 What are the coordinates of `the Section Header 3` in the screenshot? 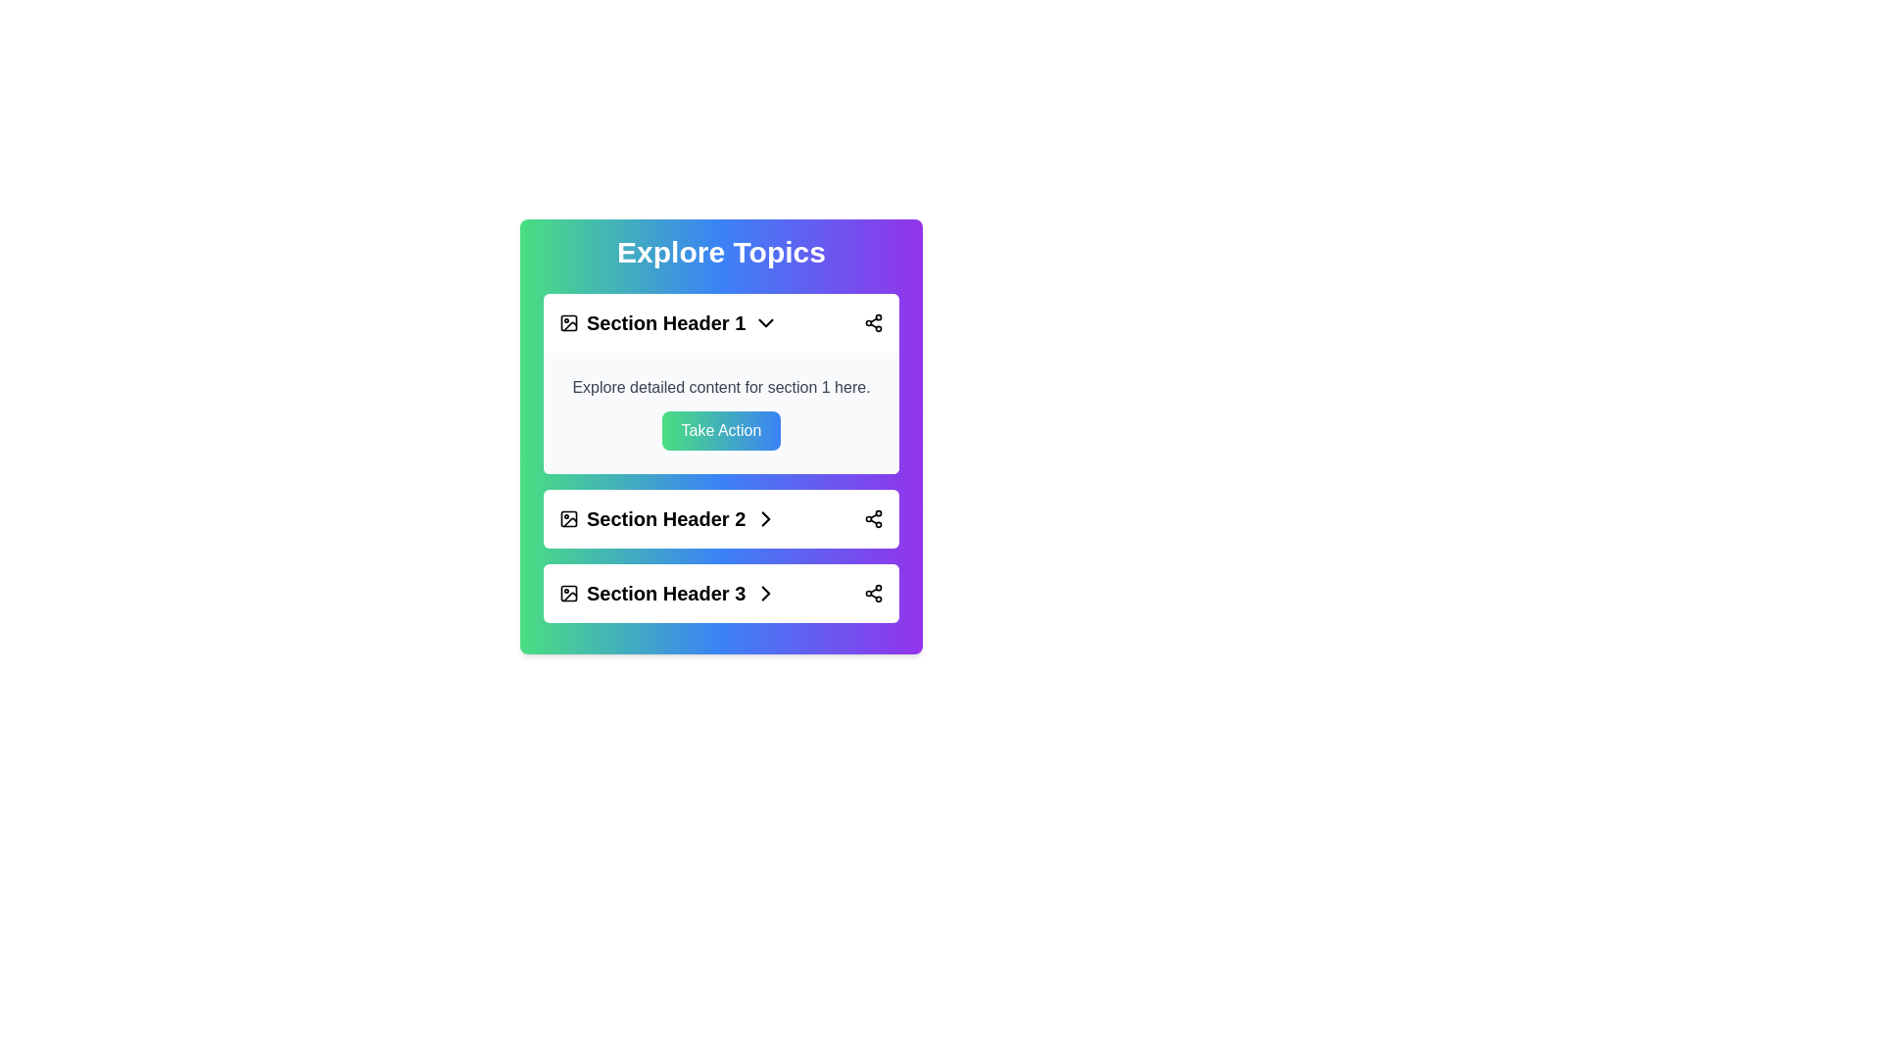 It's located at (669, 592).